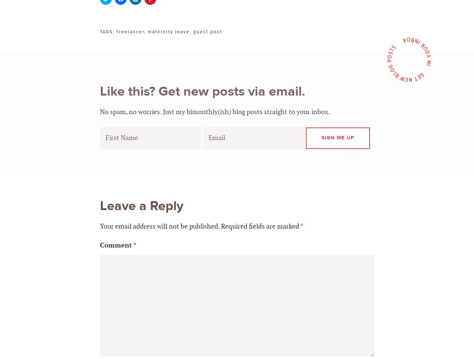 This screenshot has height=359, width=474. Describe the element at coordinates (159, 226) in the screenshot. I see `'Your email address will not be published.'` at that location.